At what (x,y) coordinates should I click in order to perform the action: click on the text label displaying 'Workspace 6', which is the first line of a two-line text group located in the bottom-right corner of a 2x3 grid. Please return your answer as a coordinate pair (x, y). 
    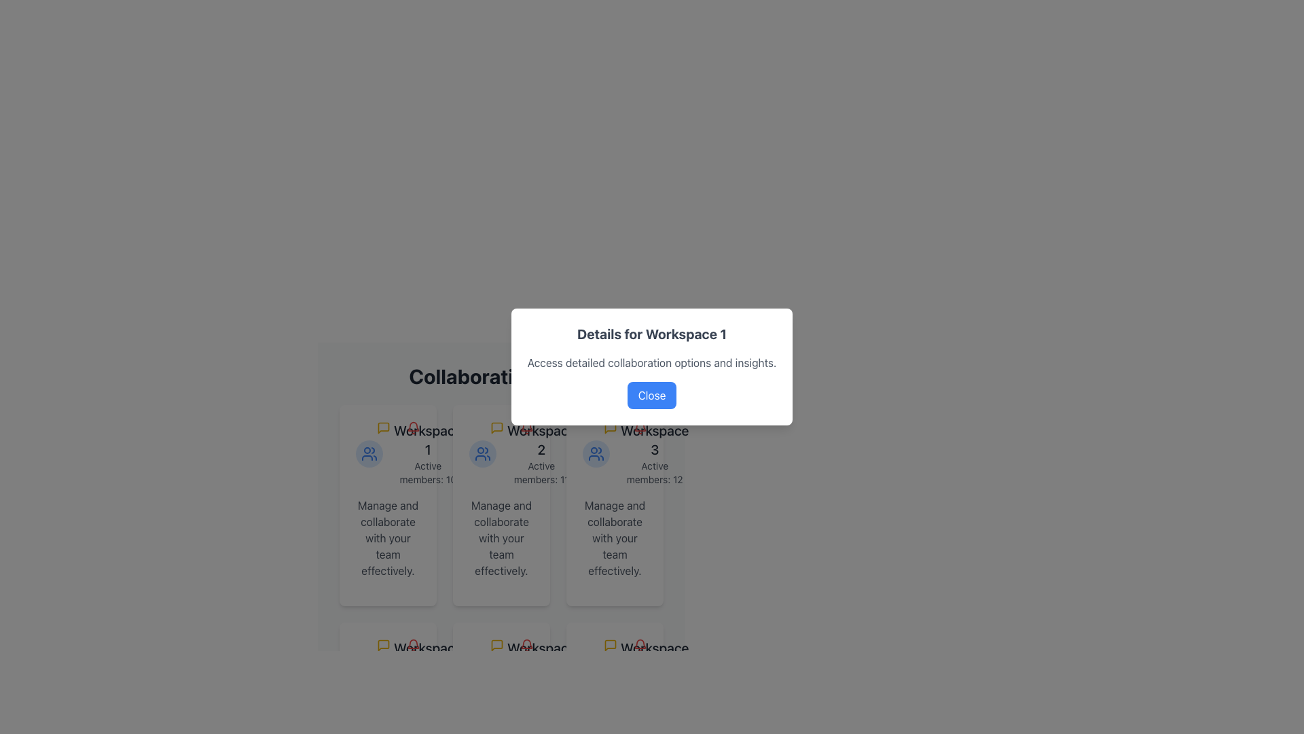
    Looking at the image, I should click on (655, 657).